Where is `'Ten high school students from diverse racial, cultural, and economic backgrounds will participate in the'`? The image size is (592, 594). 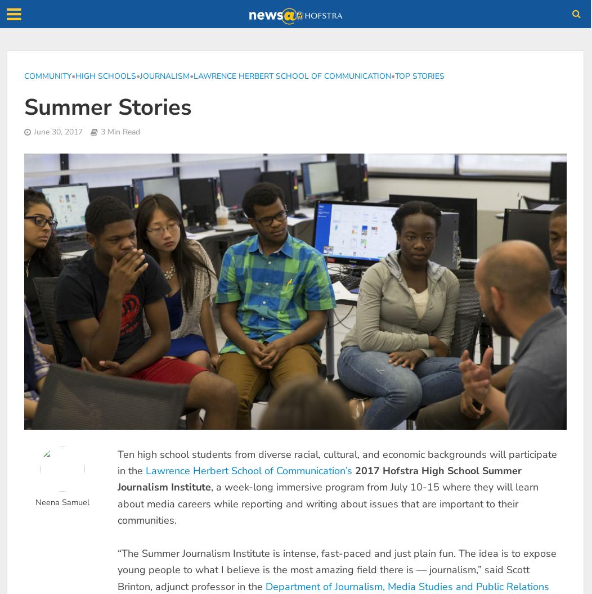 'Ten high school students from diverse racial, cultural, and economic backgrounds will participate in the' is located at coordinates (336, 462).